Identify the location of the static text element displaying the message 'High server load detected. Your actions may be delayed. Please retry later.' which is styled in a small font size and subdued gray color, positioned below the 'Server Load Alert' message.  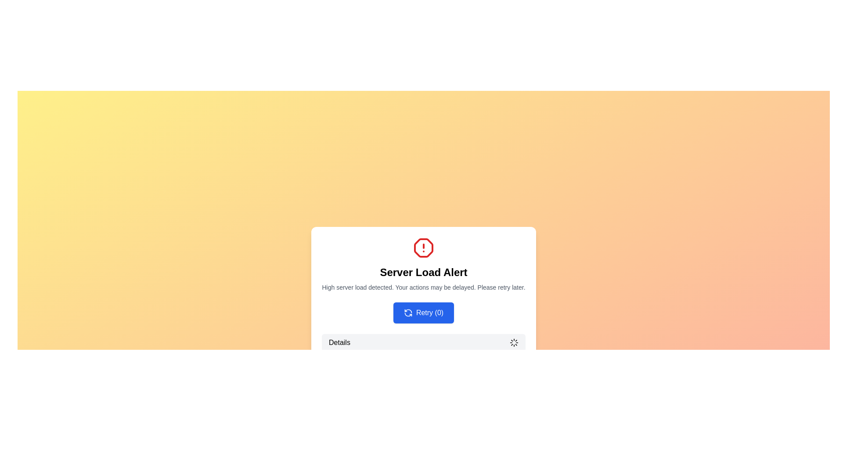
(423, 287).